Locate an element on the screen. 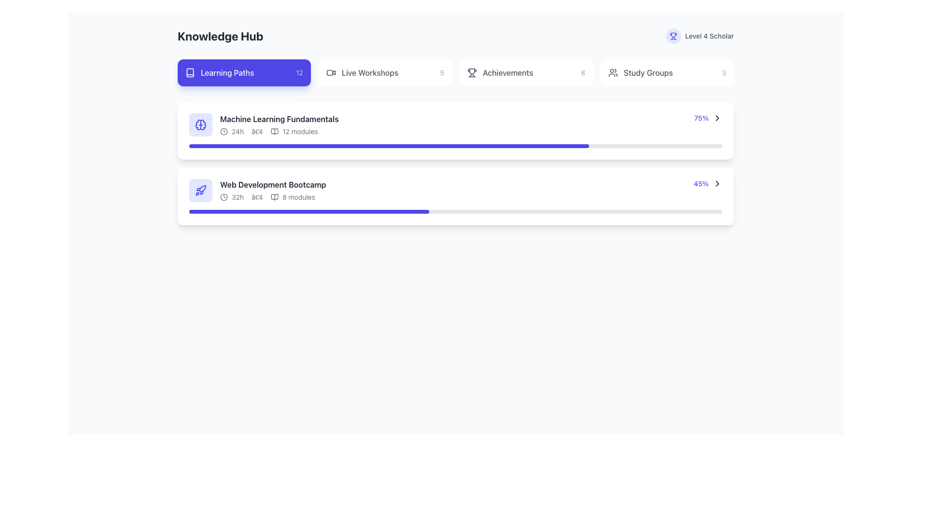 The height and width of the screenshot is (521, 927). the forward navigation indicator icon located to the right of the text '45%' is located at coordinates (717, 184).